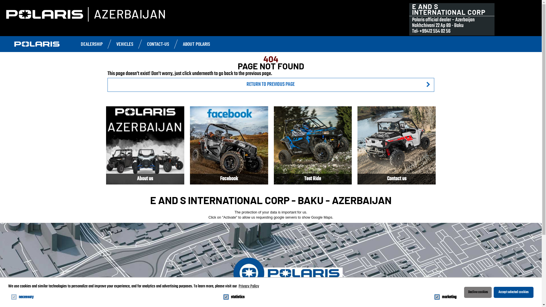 The image size is (546, 307). Describe the element at coordinates (158, 43) in the screenshot. I see `'CONTACT-US'` at that location.